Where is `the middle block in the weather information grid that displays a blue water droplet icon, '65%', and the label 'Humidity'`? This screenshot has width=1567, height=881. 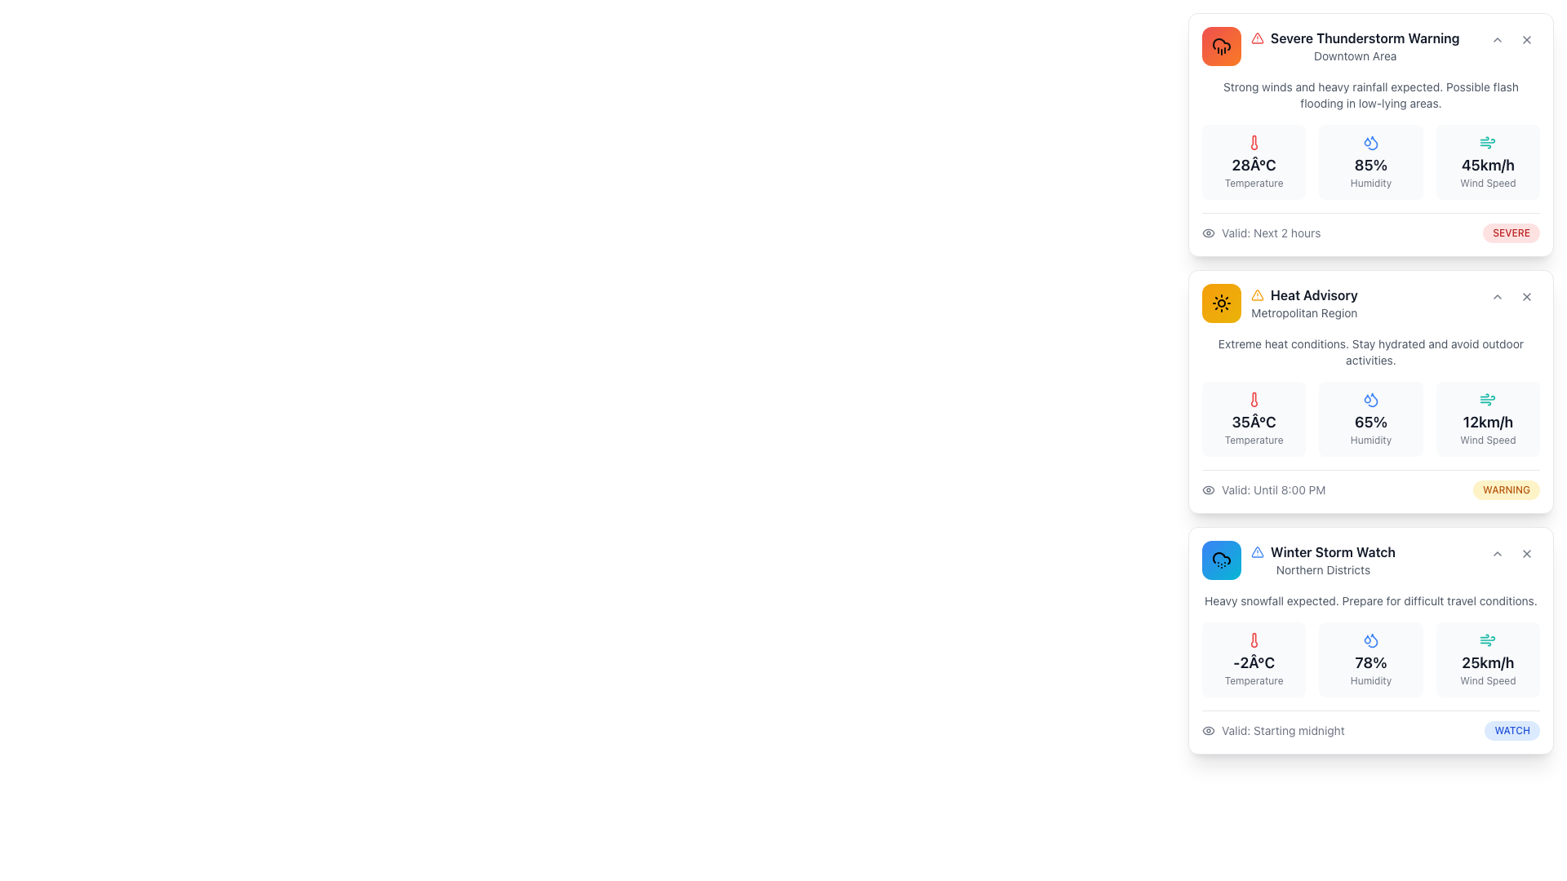
the middle block in the weather information grid that displays a blue water droplet icon, '65%', and the label 'Humidity' is located at coordinates (1371, 418).